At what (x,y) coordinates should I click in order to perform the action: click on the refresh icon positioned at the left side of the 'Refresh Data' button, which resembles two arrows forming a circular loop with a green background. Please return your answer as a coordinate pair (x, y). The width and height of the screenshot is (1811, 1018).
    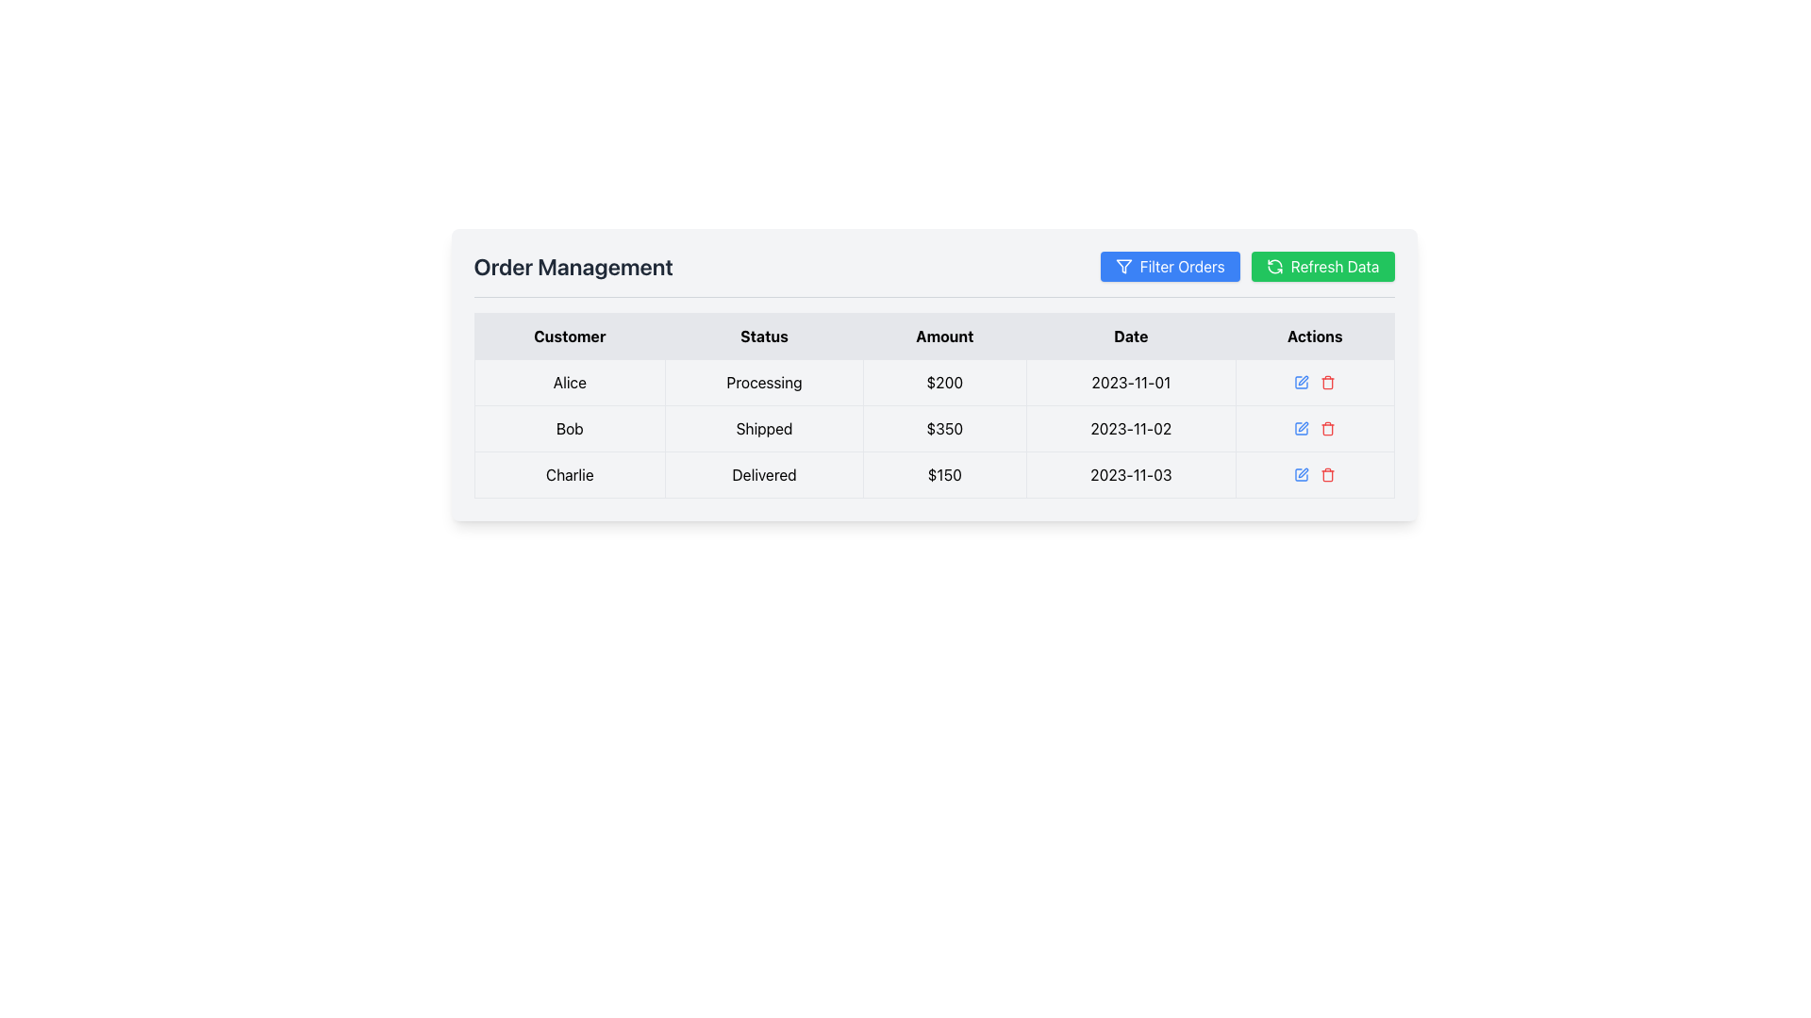
    Looking at the image, I should click on (1273, 266).